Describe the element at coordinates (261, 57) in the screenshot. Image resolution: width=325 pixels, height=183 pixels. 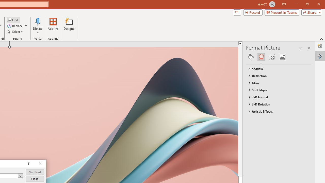
I see `'Effects'` at that location.